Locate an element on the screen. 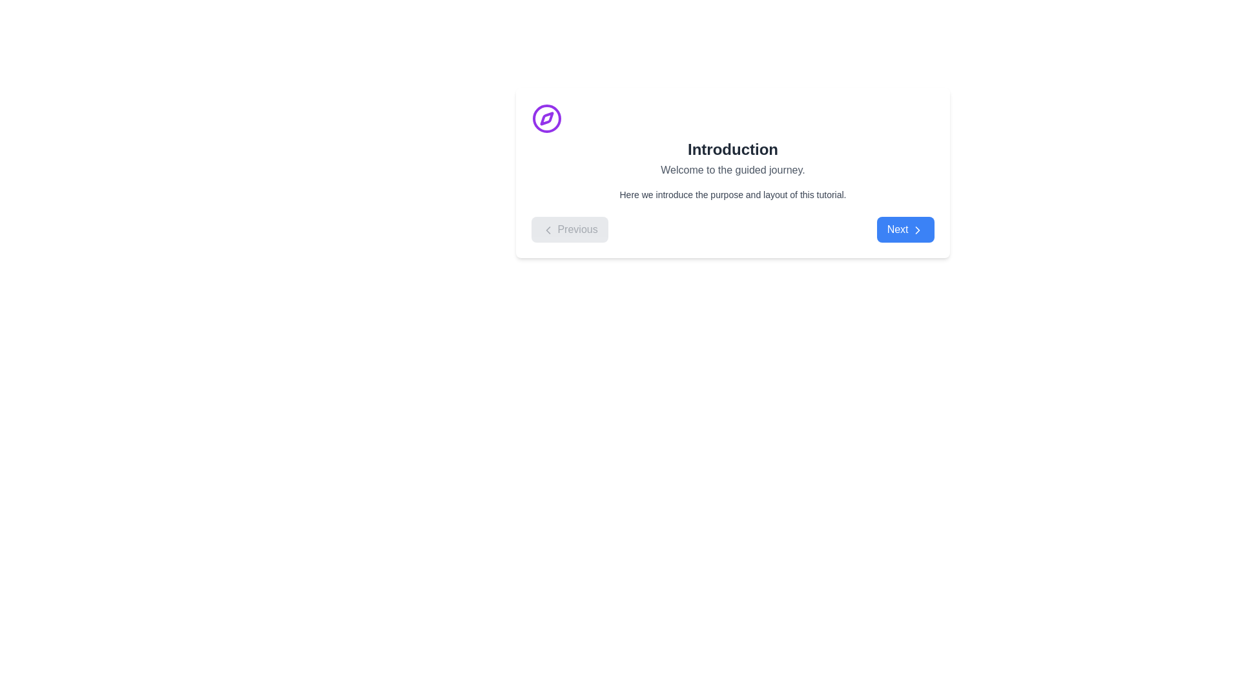 The height and width of the screenshot is (697, 1240). the Textual Block (Header and Subtext) which serves as the title and introductory text for the content, providing context and a welcoming message to users is located at coordinates (732, 141).